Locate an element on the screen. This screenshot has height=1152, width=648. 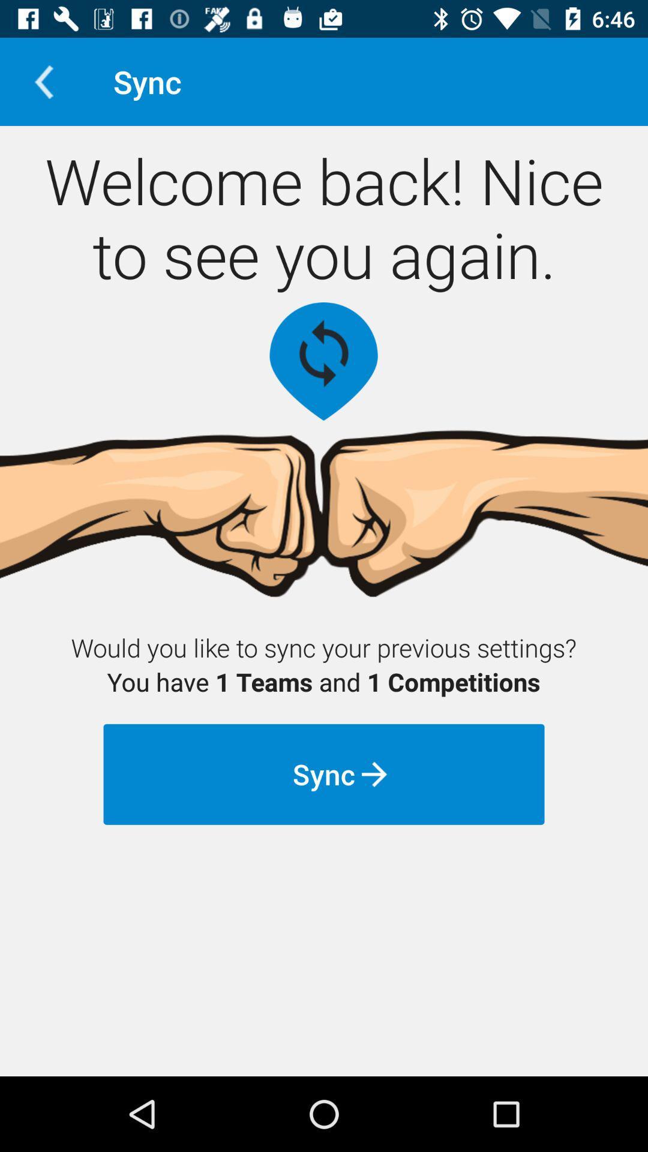
icon to the left of sync is located at coordinates (43, 81).